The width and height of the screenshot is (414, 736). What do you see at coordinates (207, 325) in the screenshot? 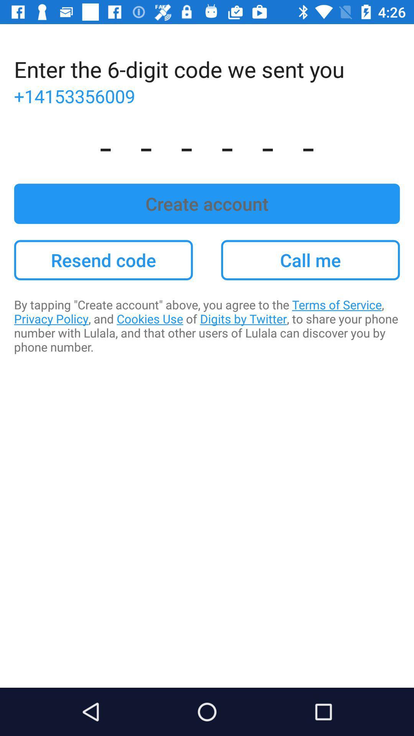
I see `by tapping create item` at bounding box center [207, 325].